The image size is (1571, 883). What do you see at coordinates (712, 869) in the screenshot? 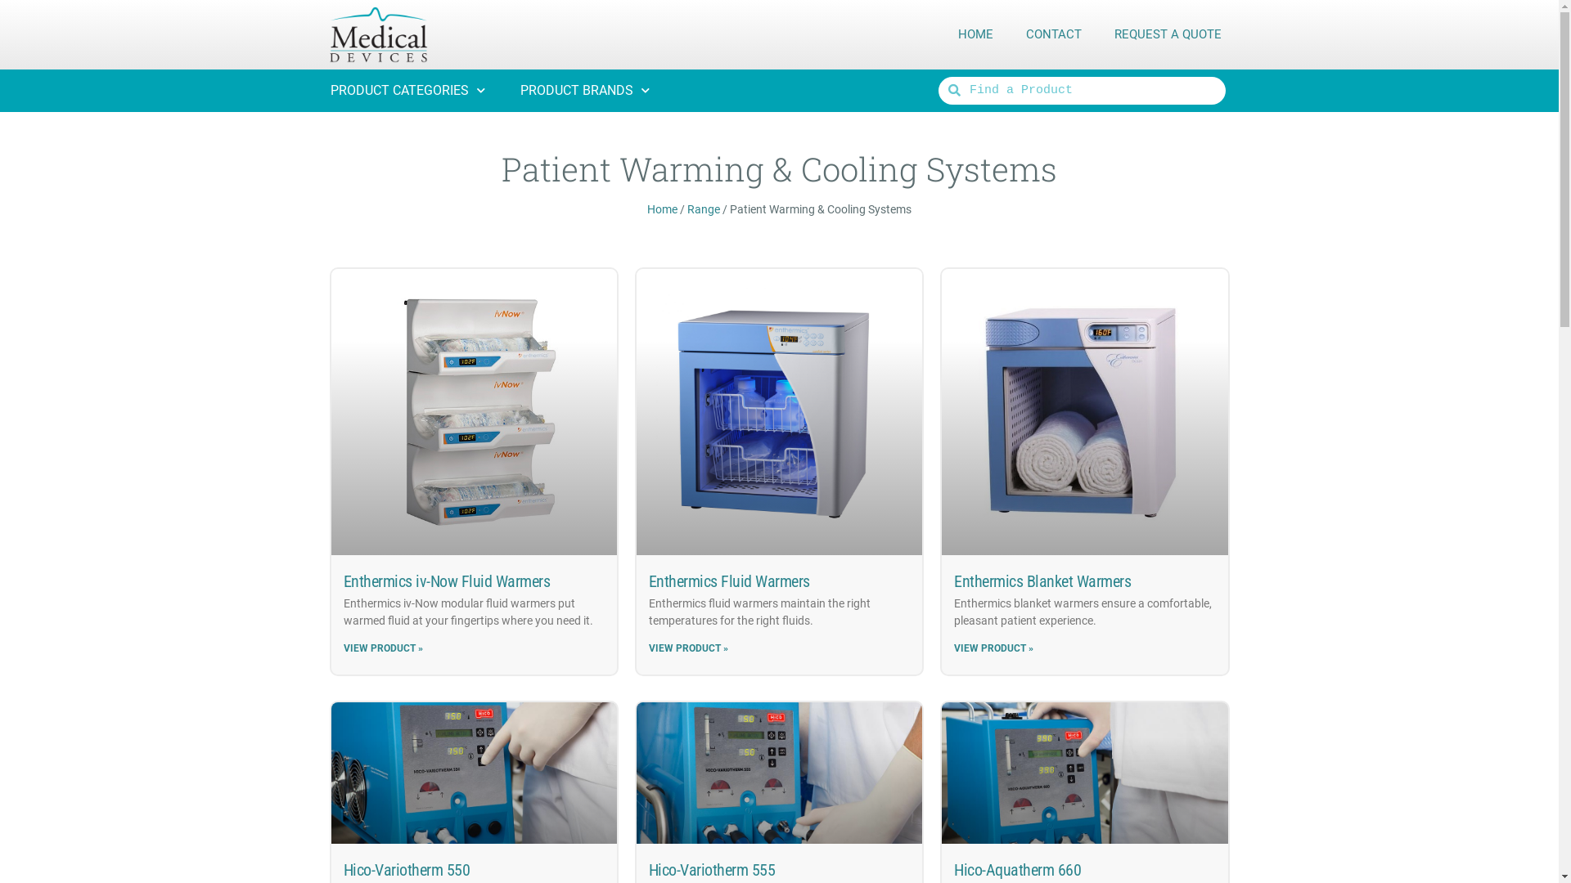
I see `'Hico-Variotherm 555'` at bounding box center [712, 869].